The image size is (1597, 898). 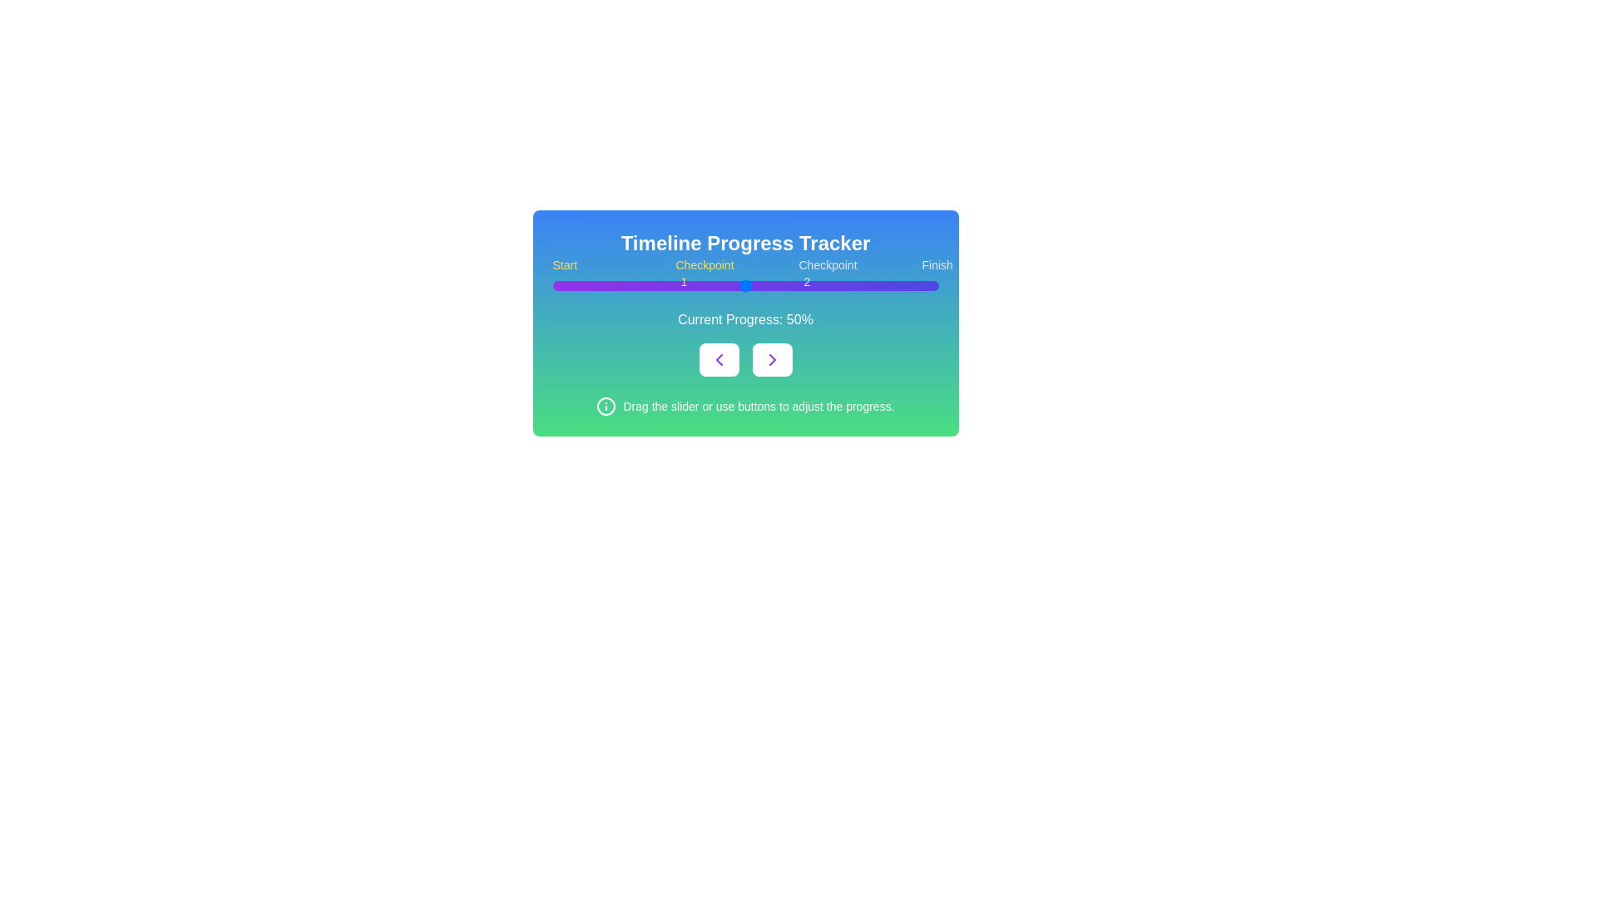 I want to click on progress on the slider, so click(x=617, y=284).